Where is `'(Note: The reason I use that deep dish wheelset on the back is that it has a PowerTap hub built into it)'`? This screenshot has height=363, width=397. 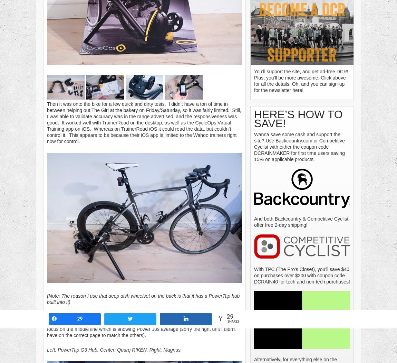
'(Note: The reason I use that deep dish wheelset on the back is that it has a PowerTap hub built into it)' is located at coordinates (47, 298).